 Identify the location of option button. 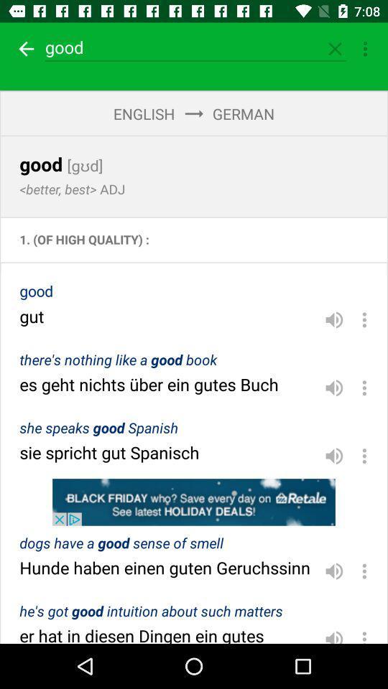
(364, 319).